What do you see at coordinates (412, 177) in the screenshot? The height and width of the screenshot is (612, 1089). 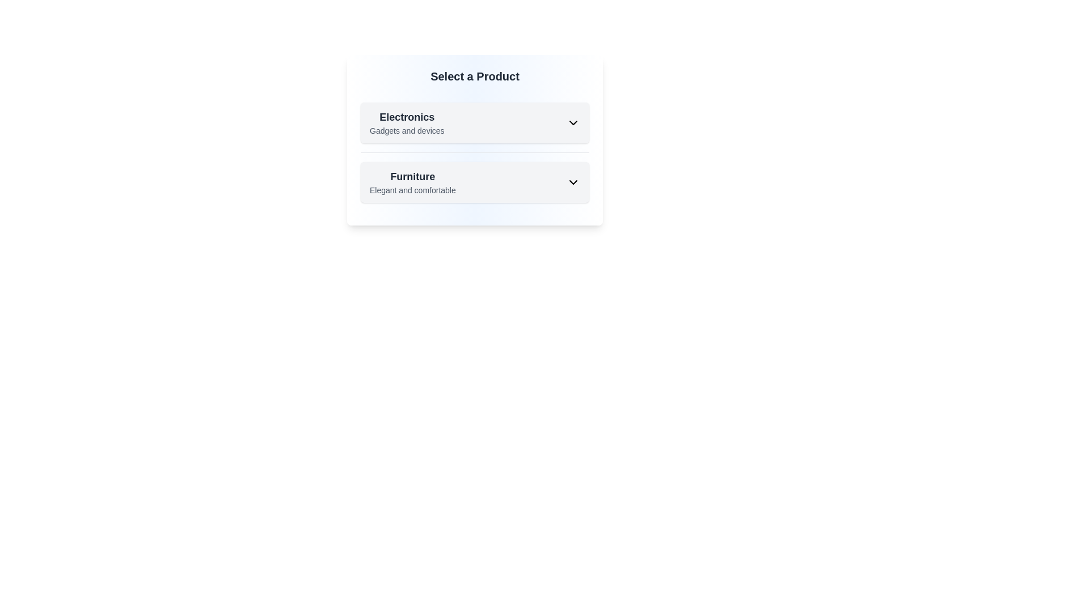 I see `Text Label that serves as a header or title for the section, located above the text 'Elegant and comfortable' in the second card-like section under 'Select a Product.'` at bounding box center [412, 177].